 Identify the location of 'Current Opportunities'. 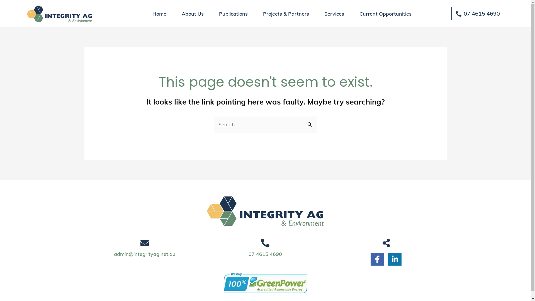
(385, 13).